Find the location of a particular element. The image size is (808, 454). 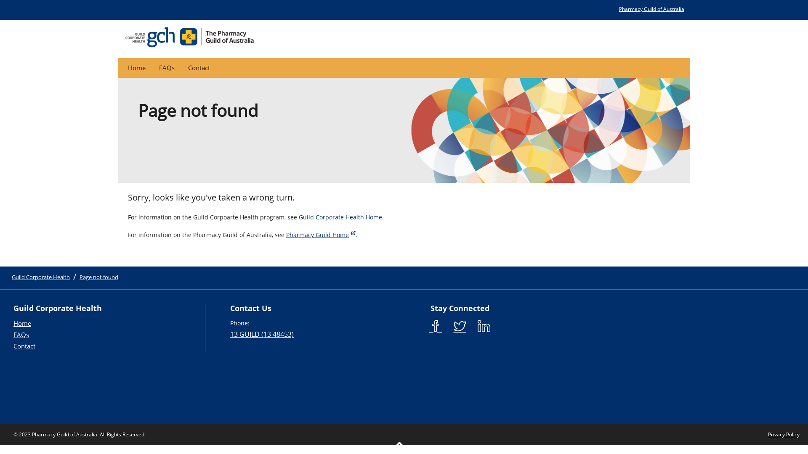

'Privacy Policy' is located at coordinates (783, 434).